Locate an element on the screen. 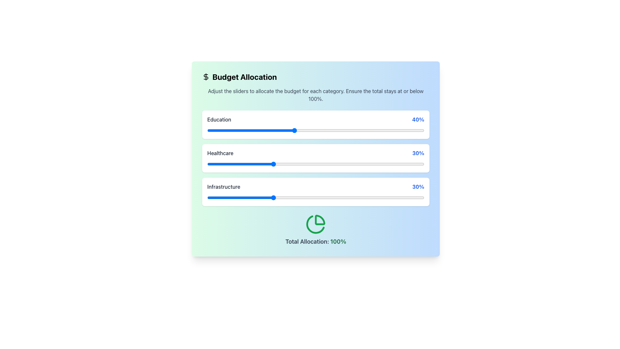  healthcare allocation is located at coordinates (378, 164).